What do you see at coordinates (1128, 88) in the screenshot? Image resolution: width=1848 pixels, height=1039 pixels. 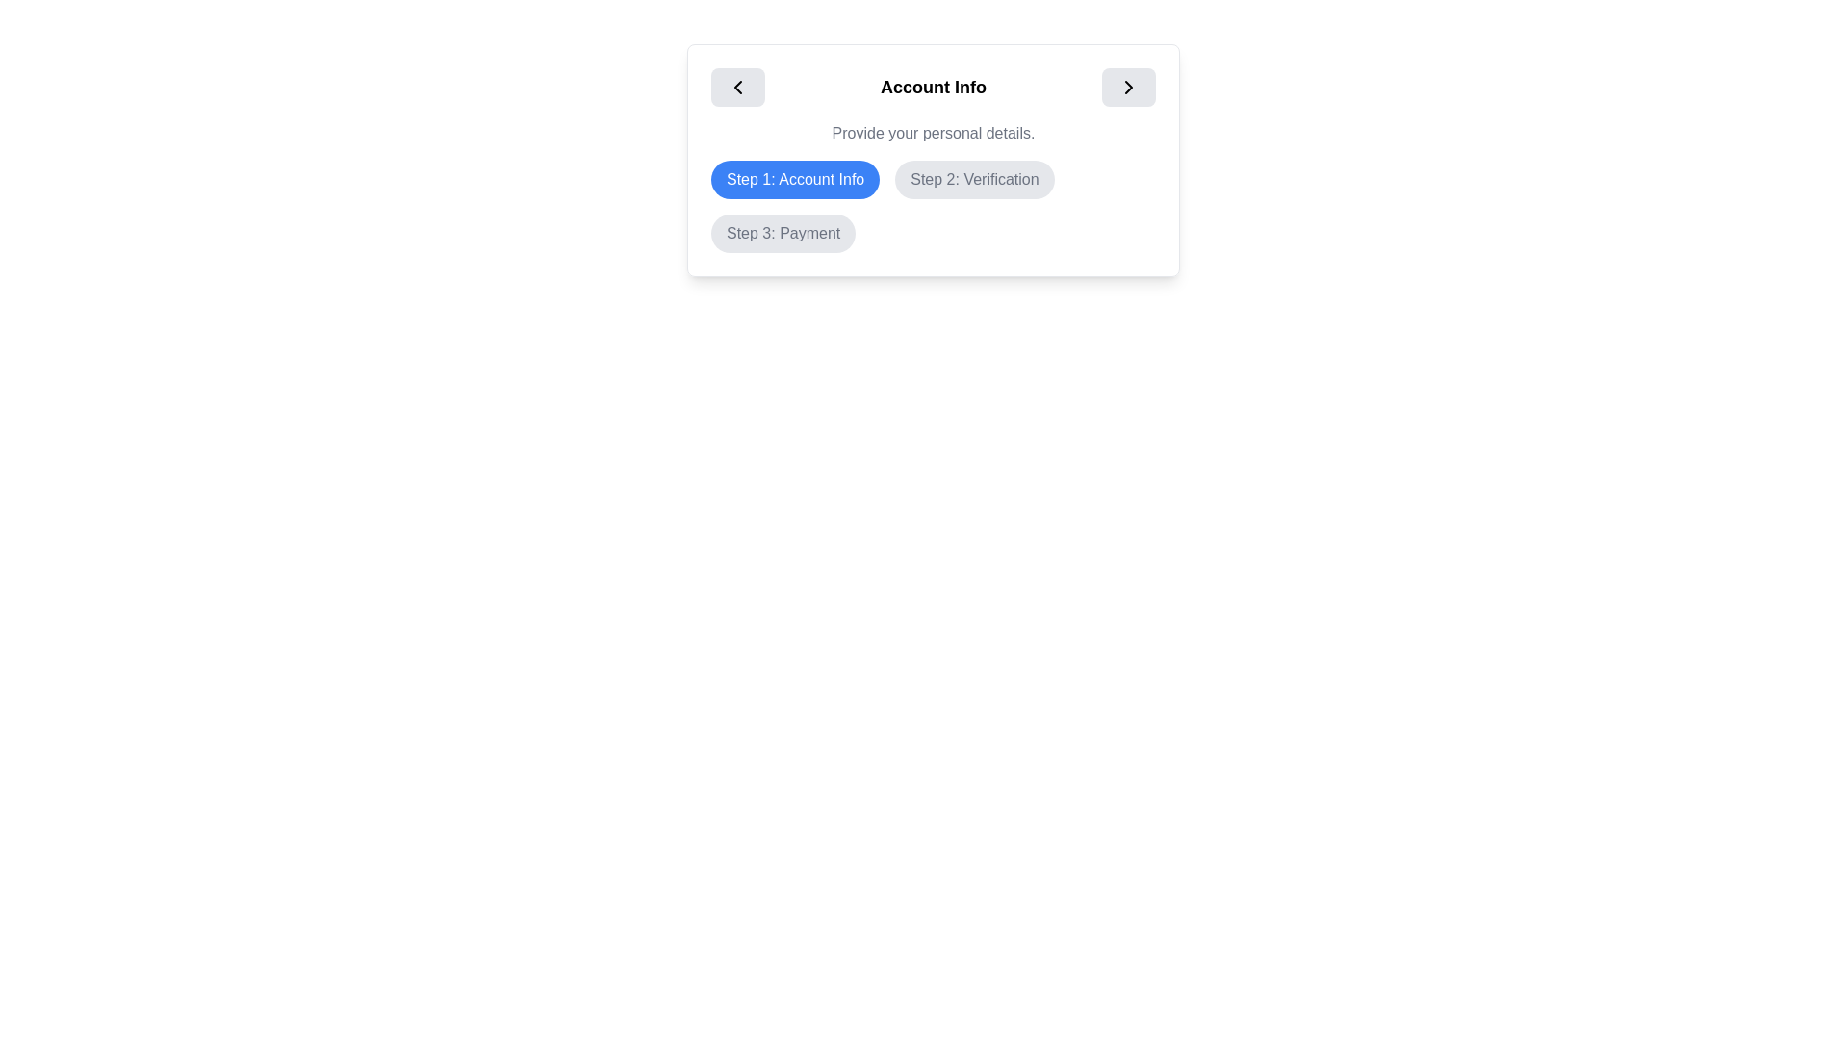 I see `the rectangular button with a light gray background and rounded corners, featuring a right-facing chevron icon, positioned in the header bar labeled 'Account Info'` at bounding box center [1128, 88].